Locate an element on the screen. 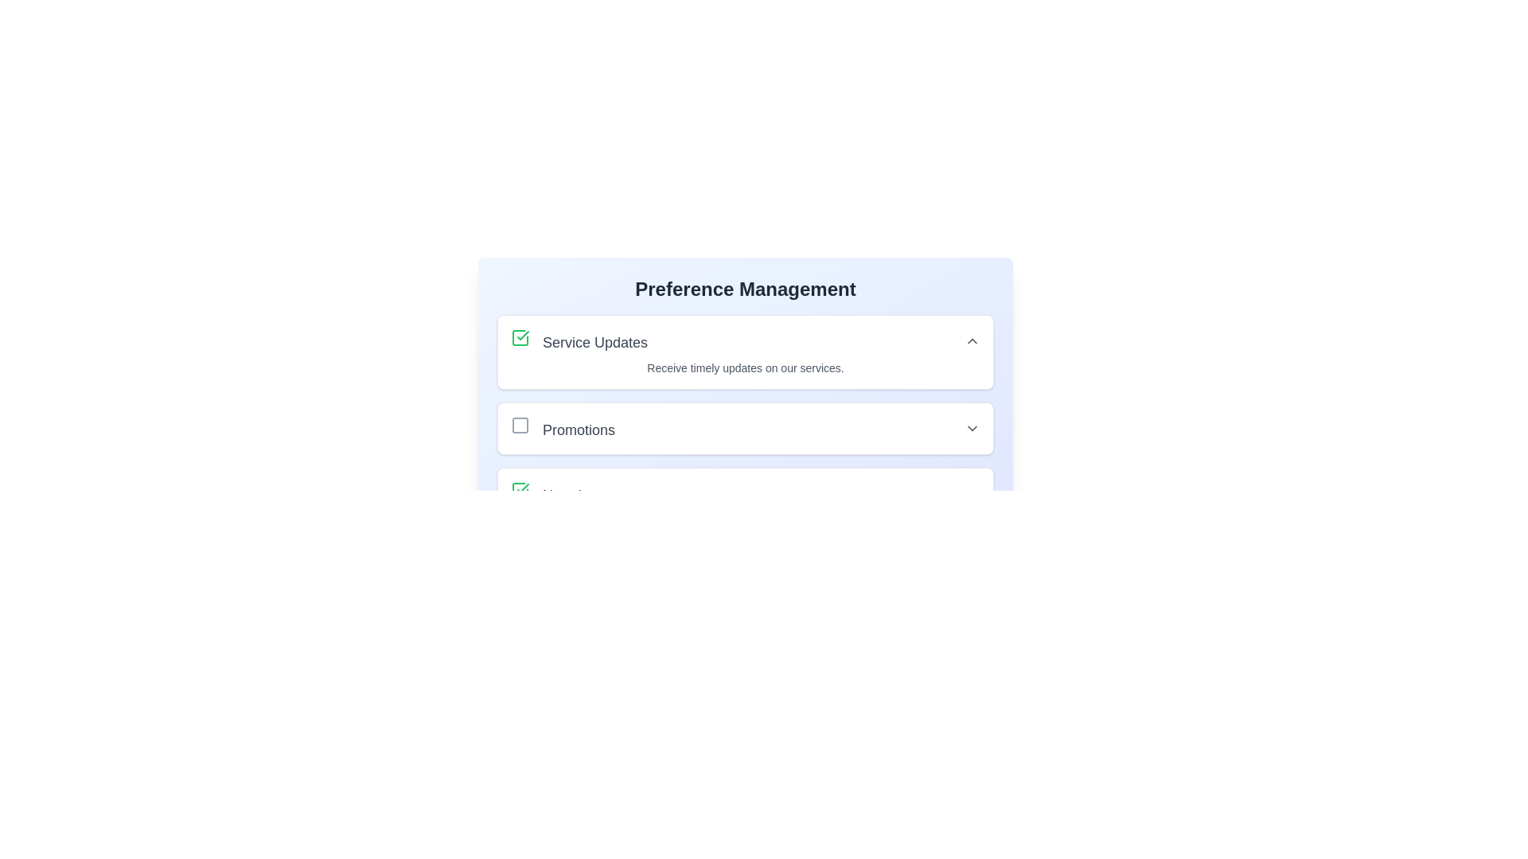 The height and width of the screenshot is (859, 1528). the downward-pointing arrow icon located in the 'Promotions' section is located at coordinates (972, 428).